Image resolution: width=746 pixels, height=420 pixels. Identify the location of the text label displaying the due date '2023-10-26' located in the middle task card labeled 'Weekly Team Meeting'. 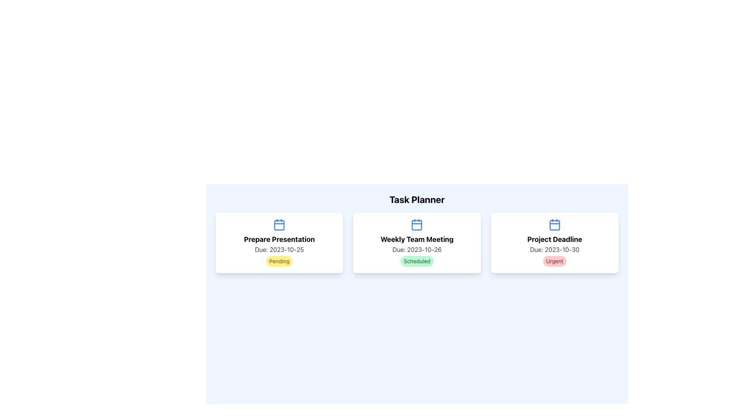
(417, 249).